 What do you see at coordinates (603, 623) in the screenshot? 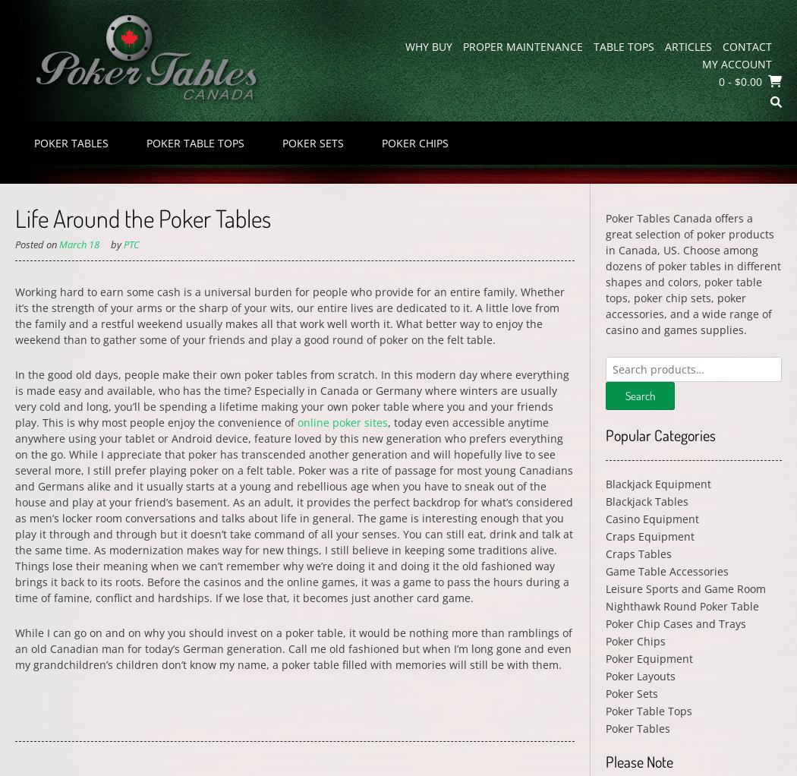
I see `'Poker Chip Cases and Trays'` at bounding box center [603, 623].